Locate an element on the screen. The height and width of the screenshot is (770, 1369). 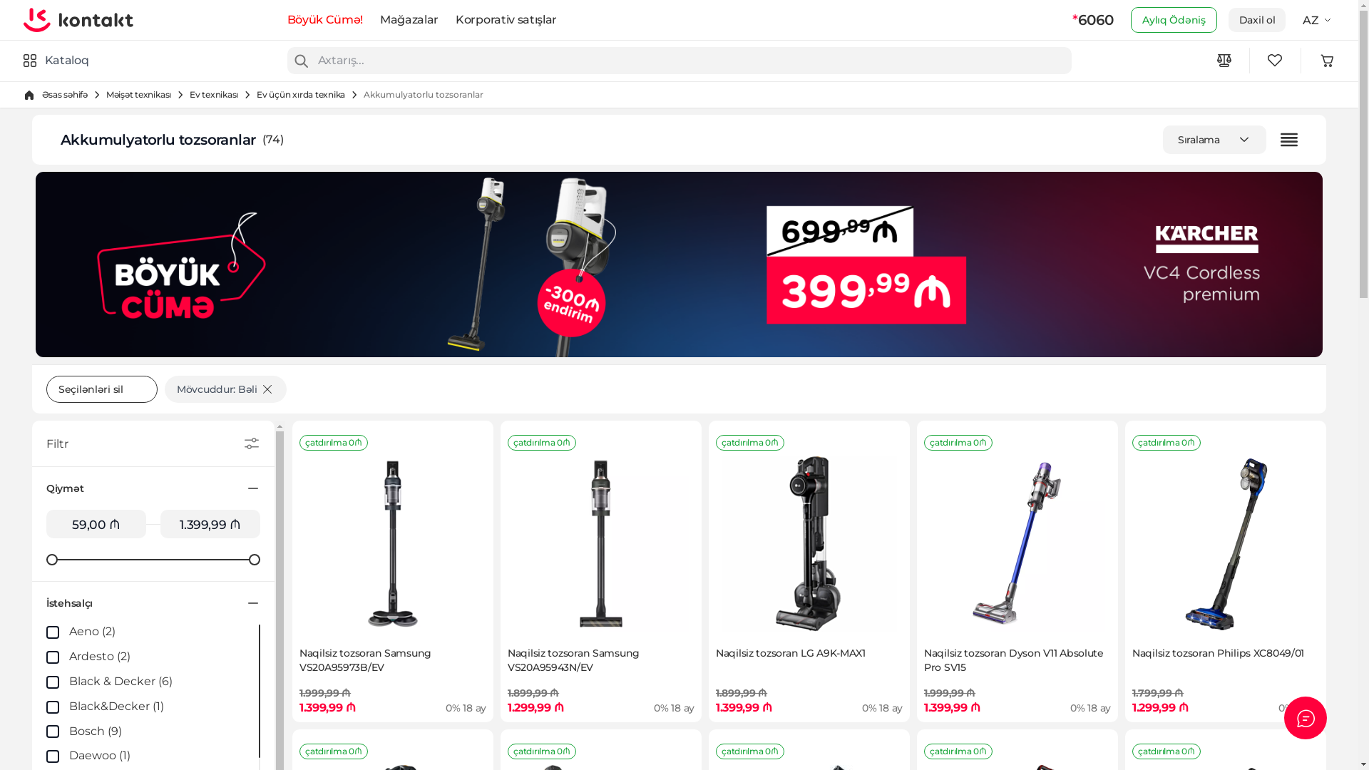
'list' is located at coordinates (1289, 140).